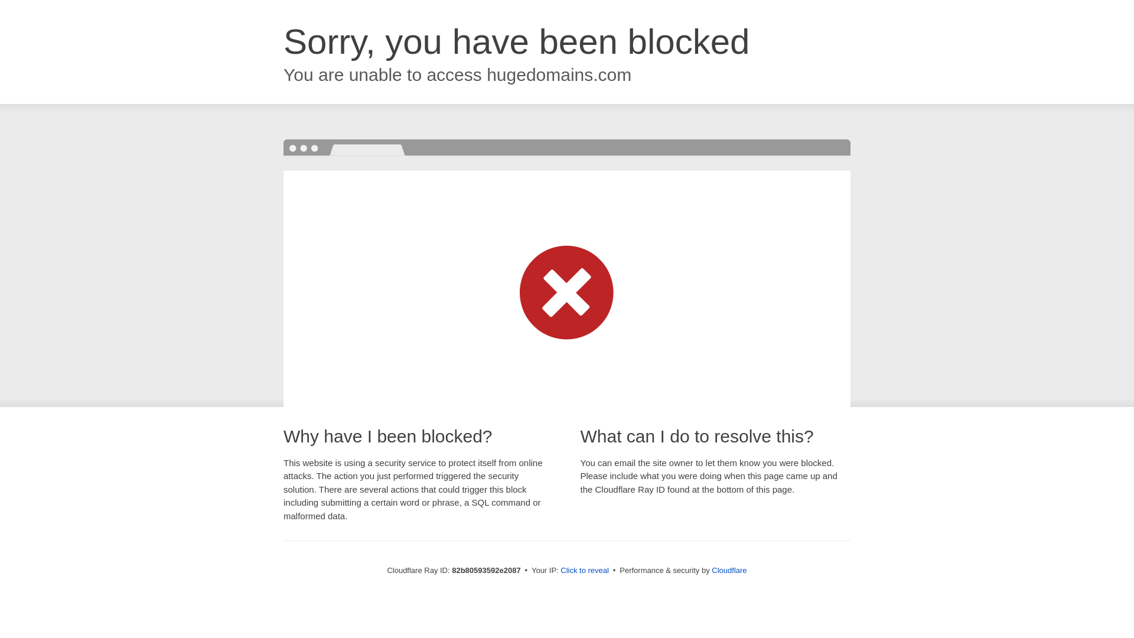  What do you see at coordinates (584, 569) in the screenshot?
I see `'Click to reveal'` at bounding box center [584, 569].